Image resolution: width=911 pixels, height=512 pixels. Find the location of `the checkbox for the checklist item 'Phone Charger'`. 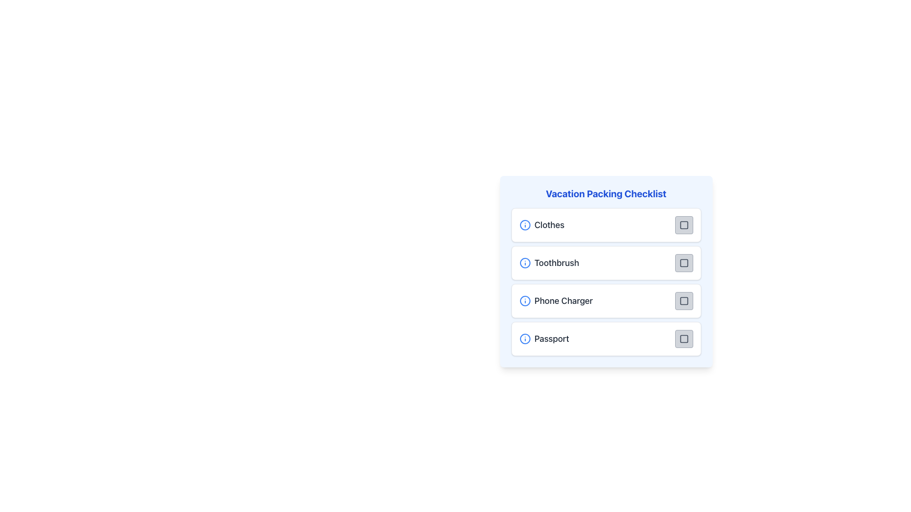

the checkbox for the checklist item 'Phone Charger' is located at coordinates (684, 301).